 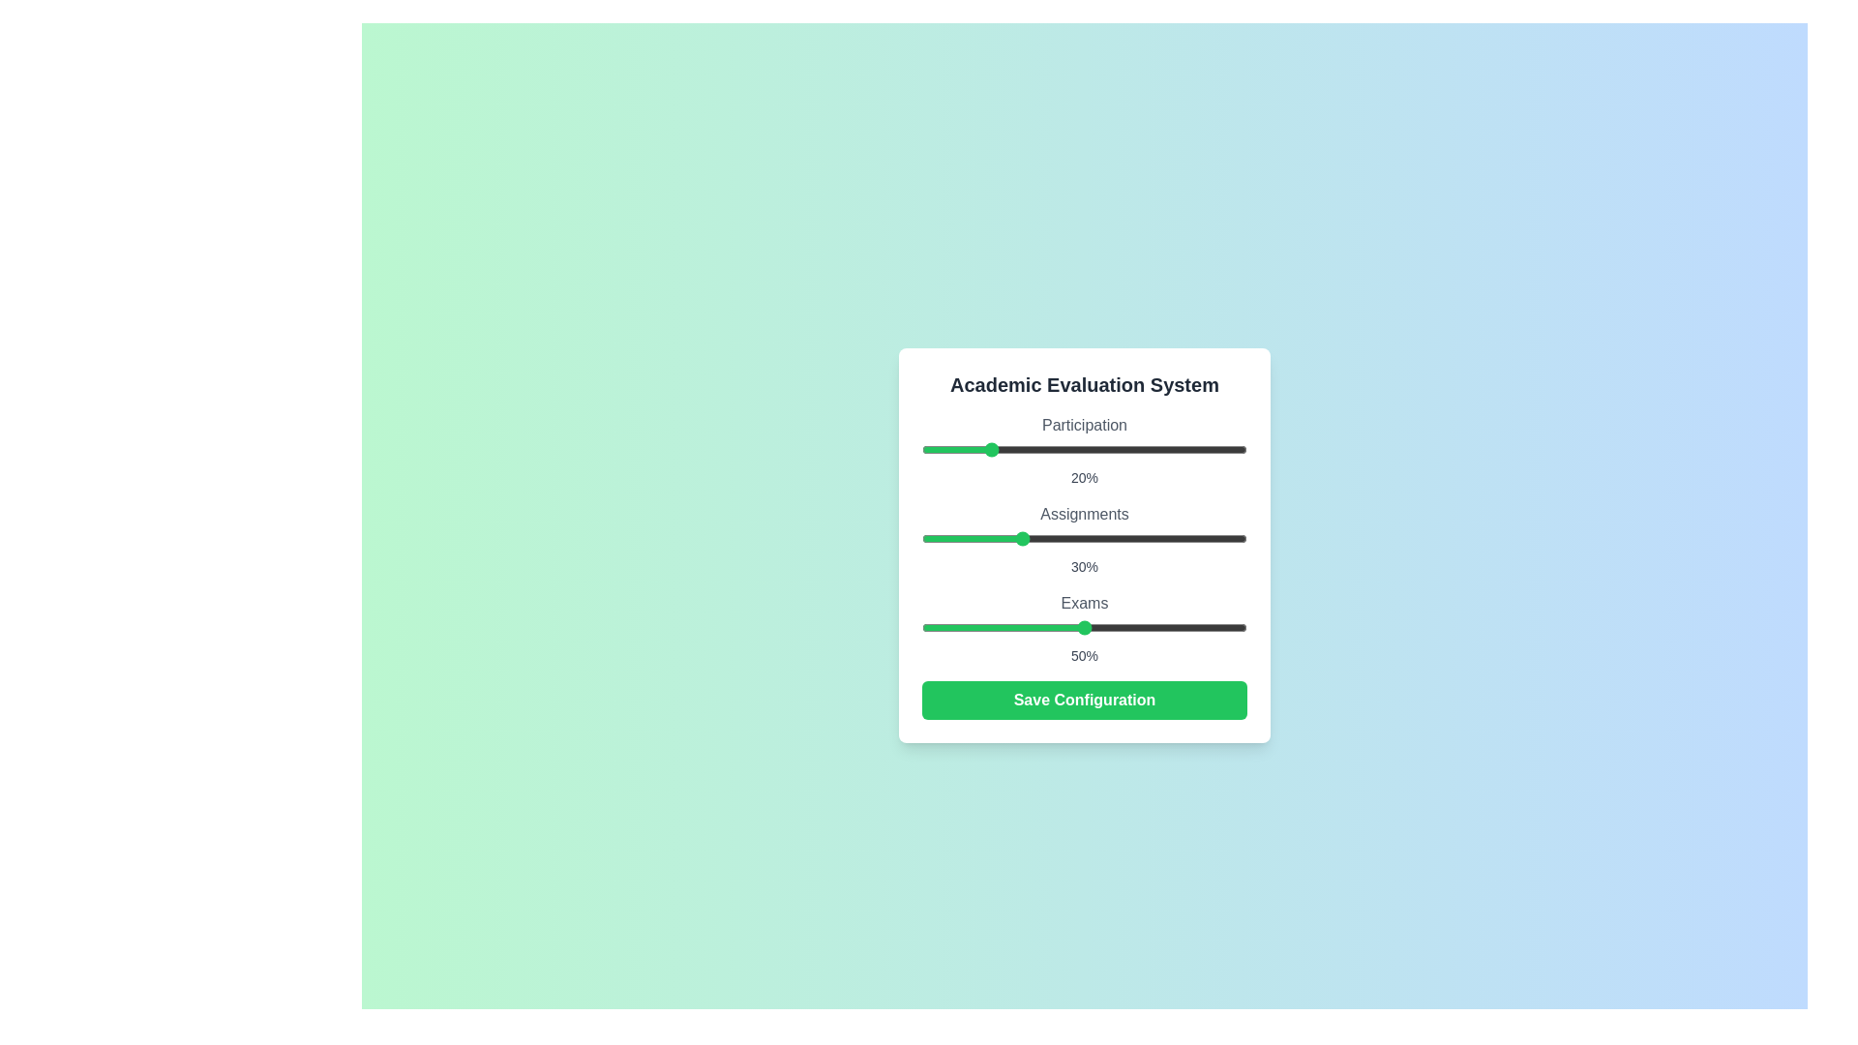 I want to click on the Participation slider element to observe visual feedback, so click(x=1085, y=450).